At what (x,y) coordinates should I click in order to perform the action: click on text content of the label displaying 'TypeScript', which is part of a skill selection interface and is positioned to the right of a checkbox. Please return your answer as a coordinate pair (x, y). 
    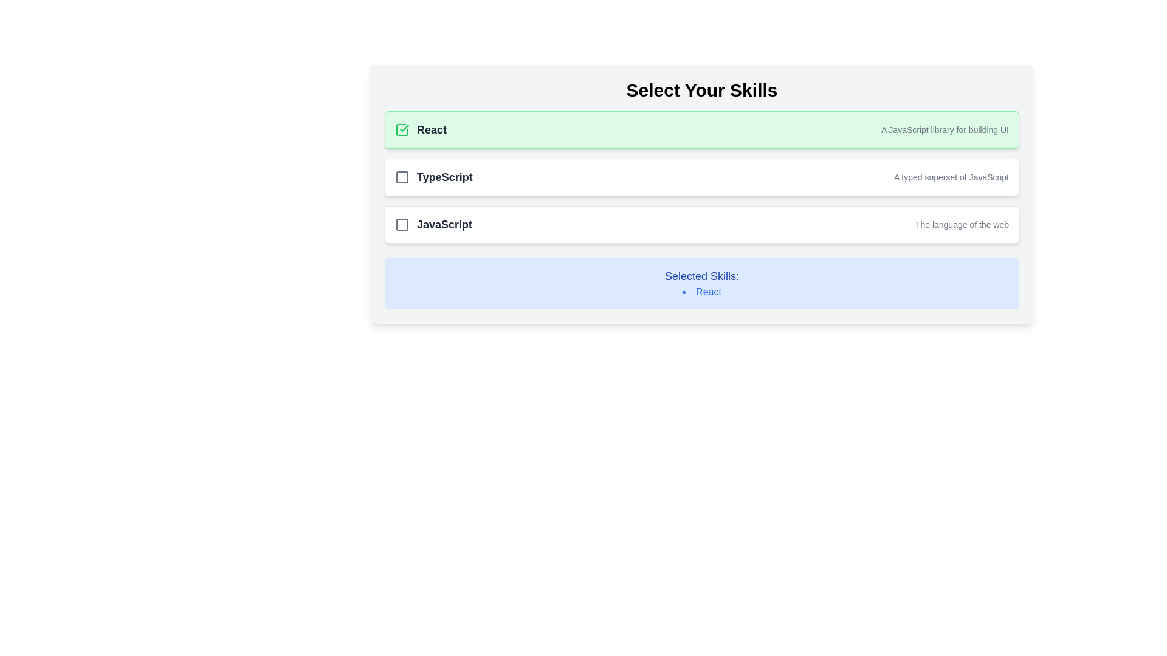
    Looking at the image, I should click on (444, 177).